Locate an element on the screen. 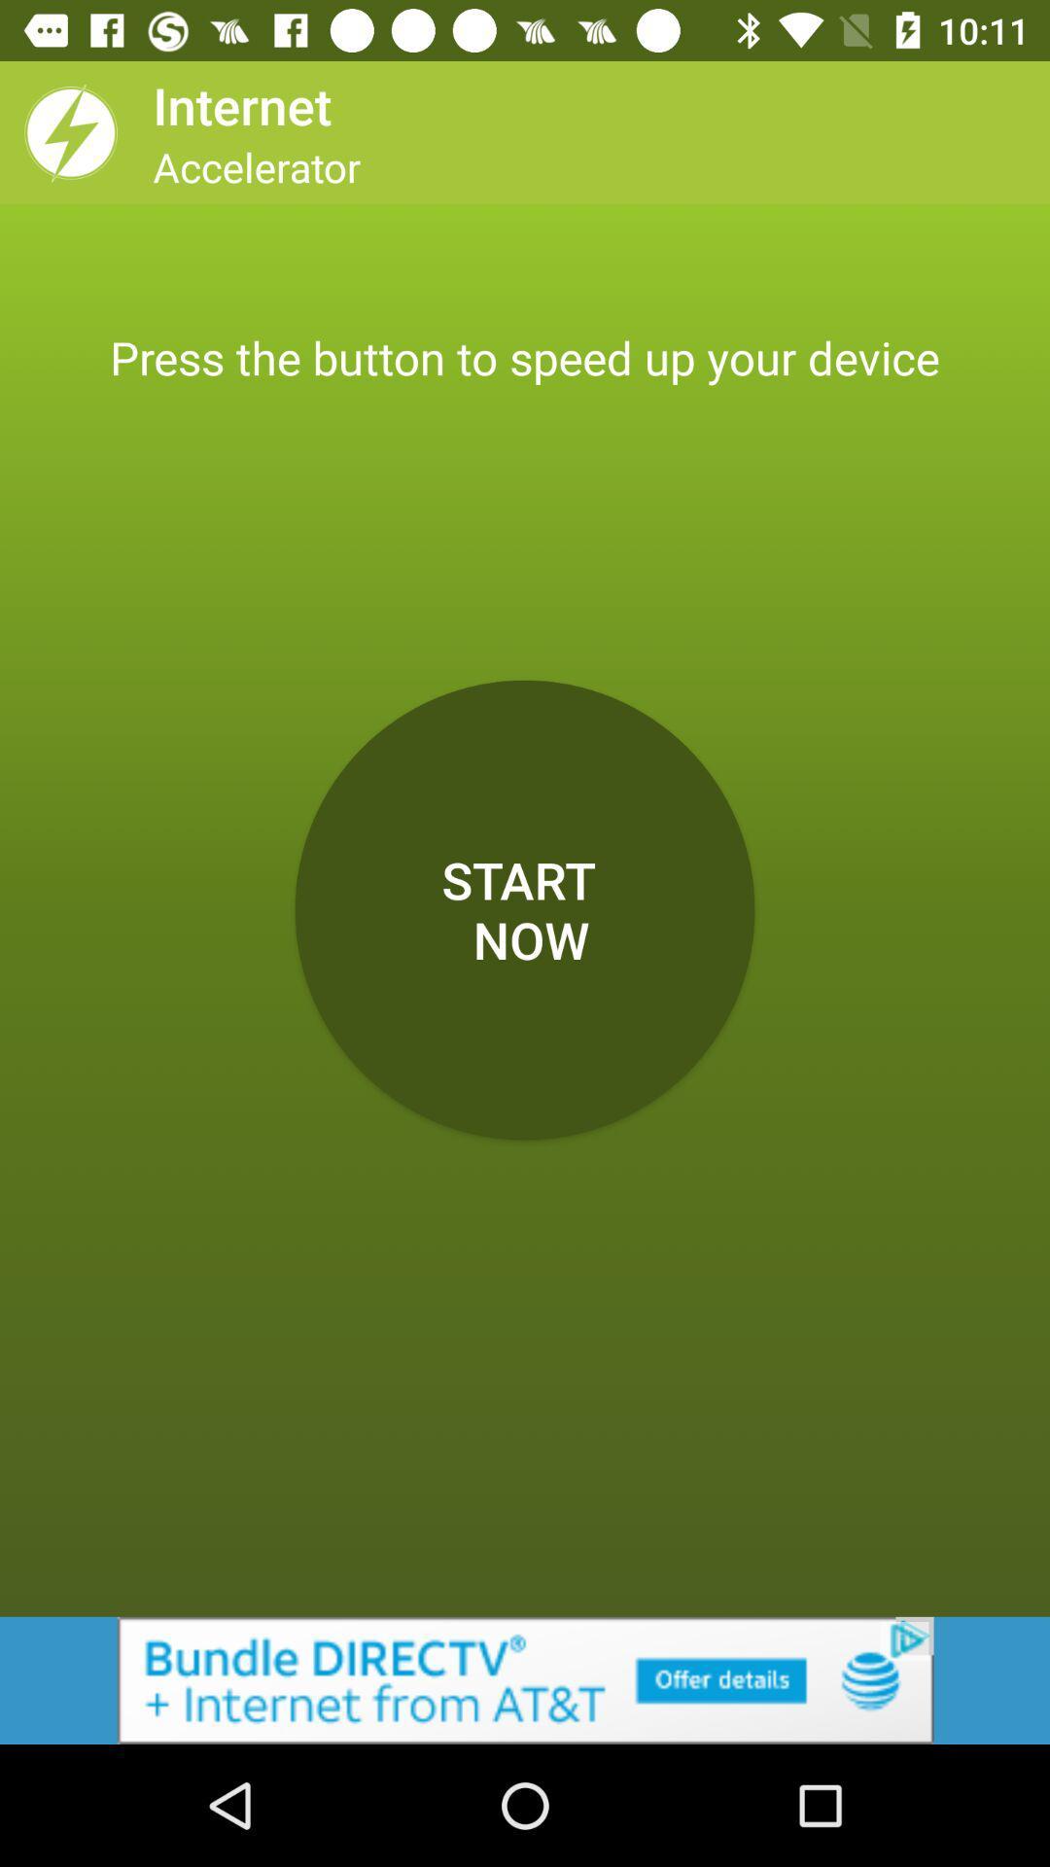 The height and width of the screenshot is (1867, 1050). advertisement for at+t is located at coordinates (525, 1679).